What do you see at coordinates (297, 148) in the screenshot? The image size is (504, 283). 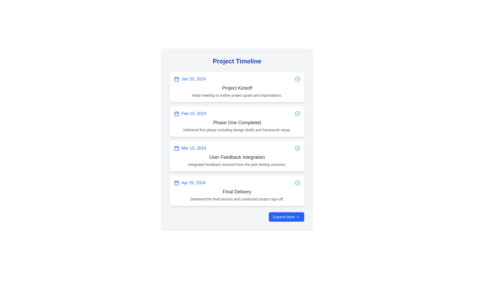 I see `the completion or progress icon located in the top-right corner of the 'Mar 15, 2024' timeline section, which indicates the status of the associated event` at bounding box center [297, 148].